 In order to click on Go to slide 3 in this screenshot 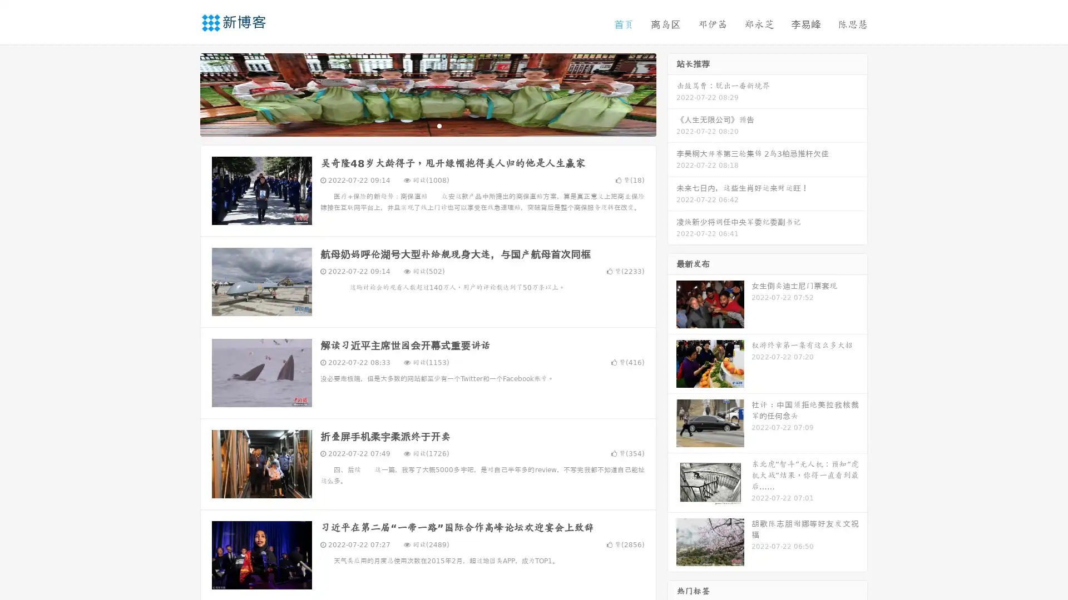, I will do `click(439, 125)`.